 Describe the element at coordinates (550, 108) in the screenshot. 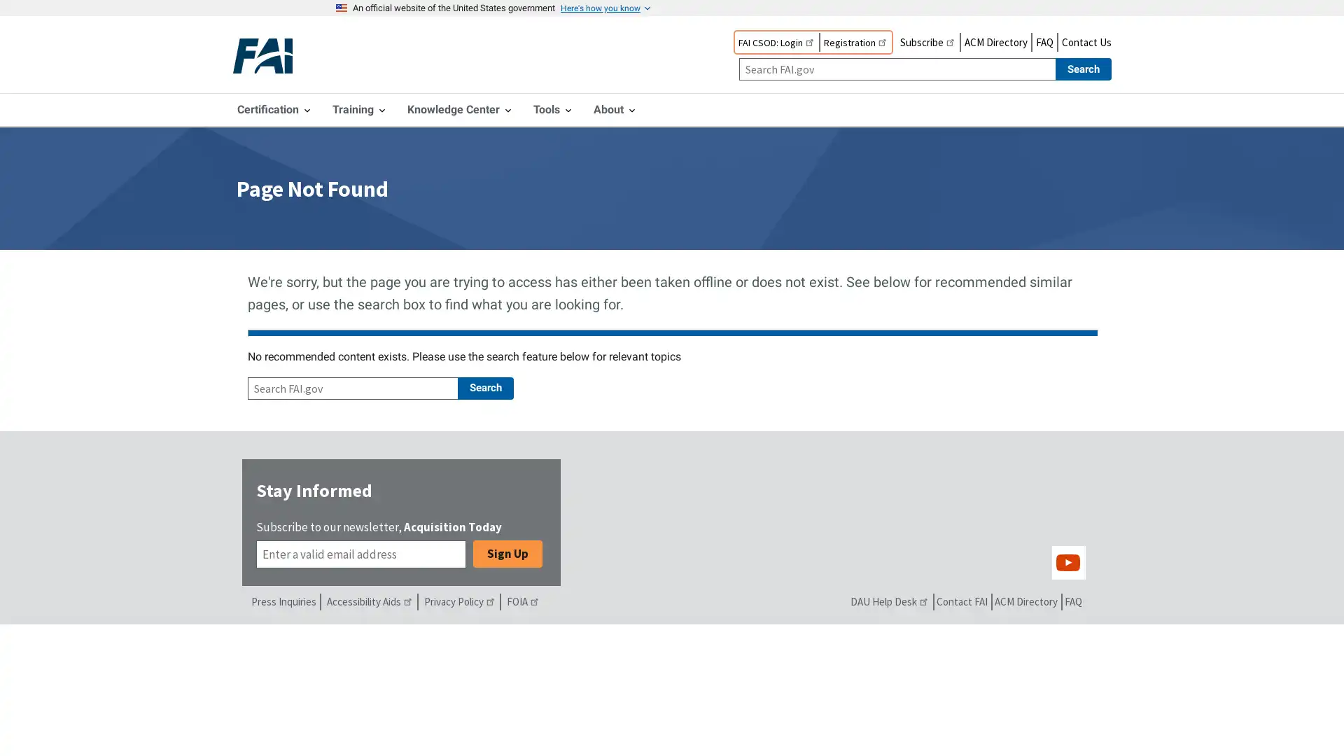

I see `Tools` at that location.